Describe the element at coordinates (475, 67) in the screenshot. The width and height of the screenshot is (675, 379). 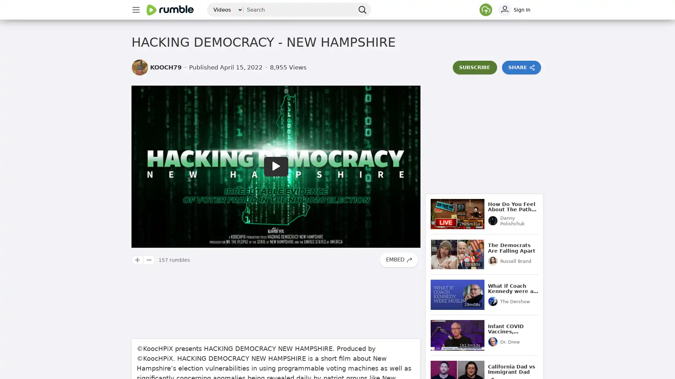
I see `SUBSCRIBE` at that location.